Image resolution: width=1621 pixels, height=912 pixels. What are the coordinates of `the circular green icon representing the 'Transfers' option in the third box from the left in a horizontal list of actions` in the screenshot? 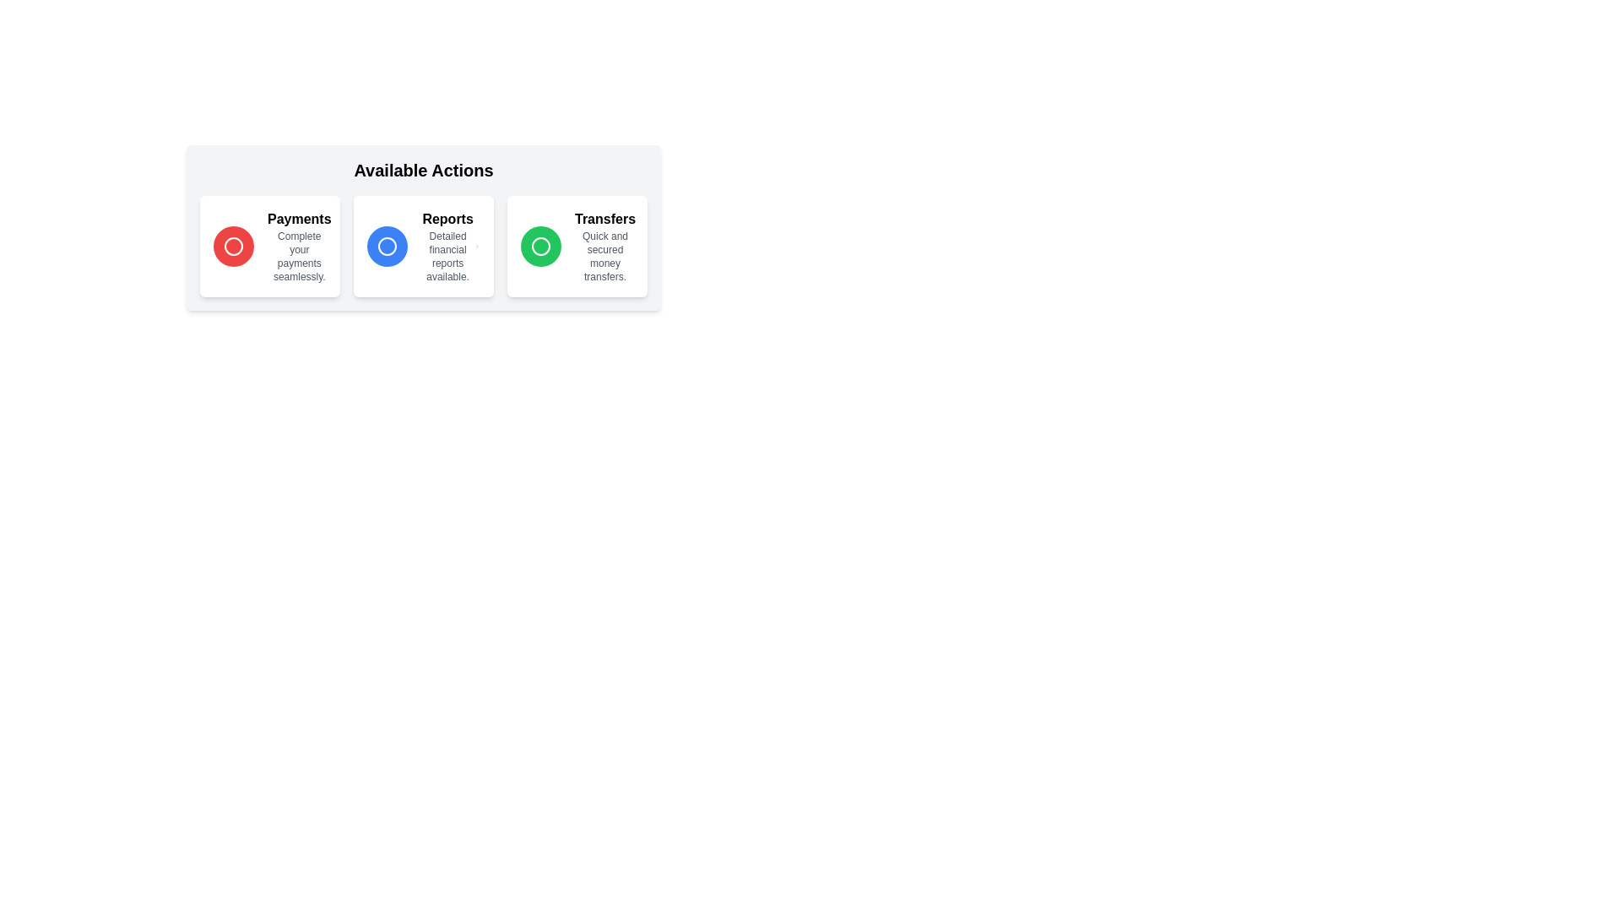 It's located at (541, 247).